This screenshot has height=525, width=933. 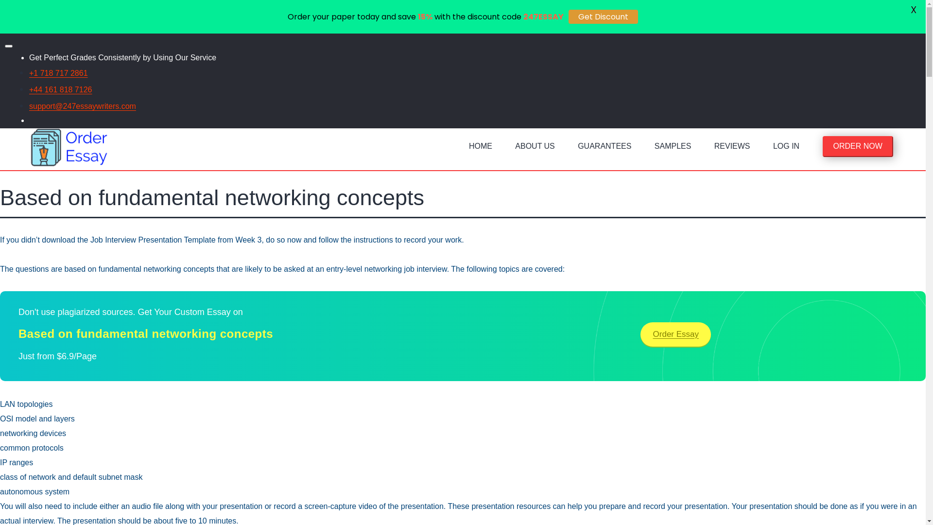 I want to click on 'support@247essaywriters.com', so click(x=82, y=106).